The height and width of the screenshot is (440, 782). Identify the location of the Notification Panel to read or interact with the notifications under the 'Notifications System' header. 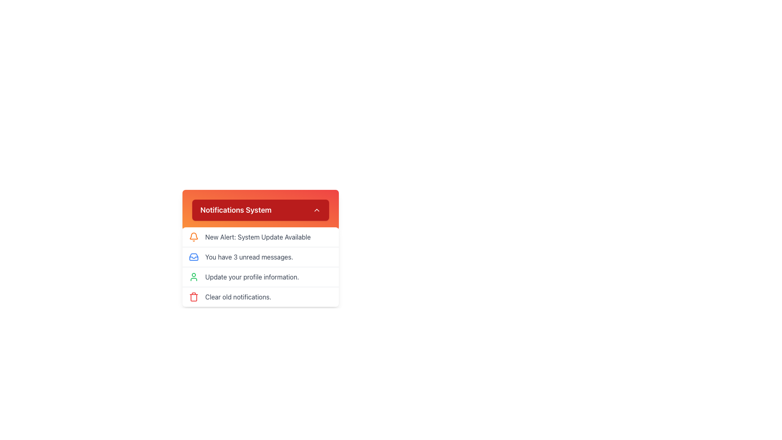
(260, 235).